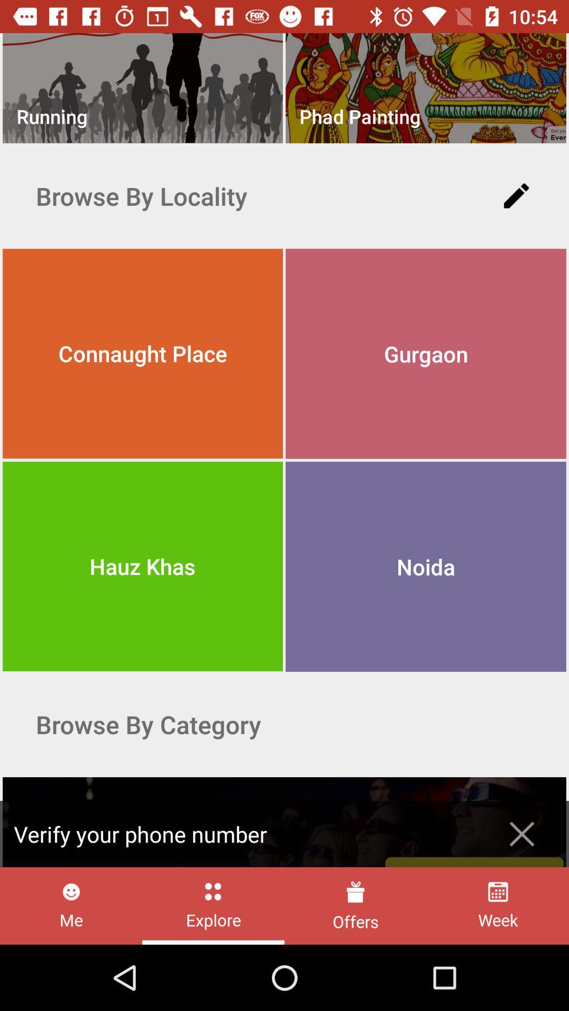 The image size is (569, 1011). What do you see at coordinates (498, 905) in the screenshot?
I see `the week item` at bounding box center [498, 905].